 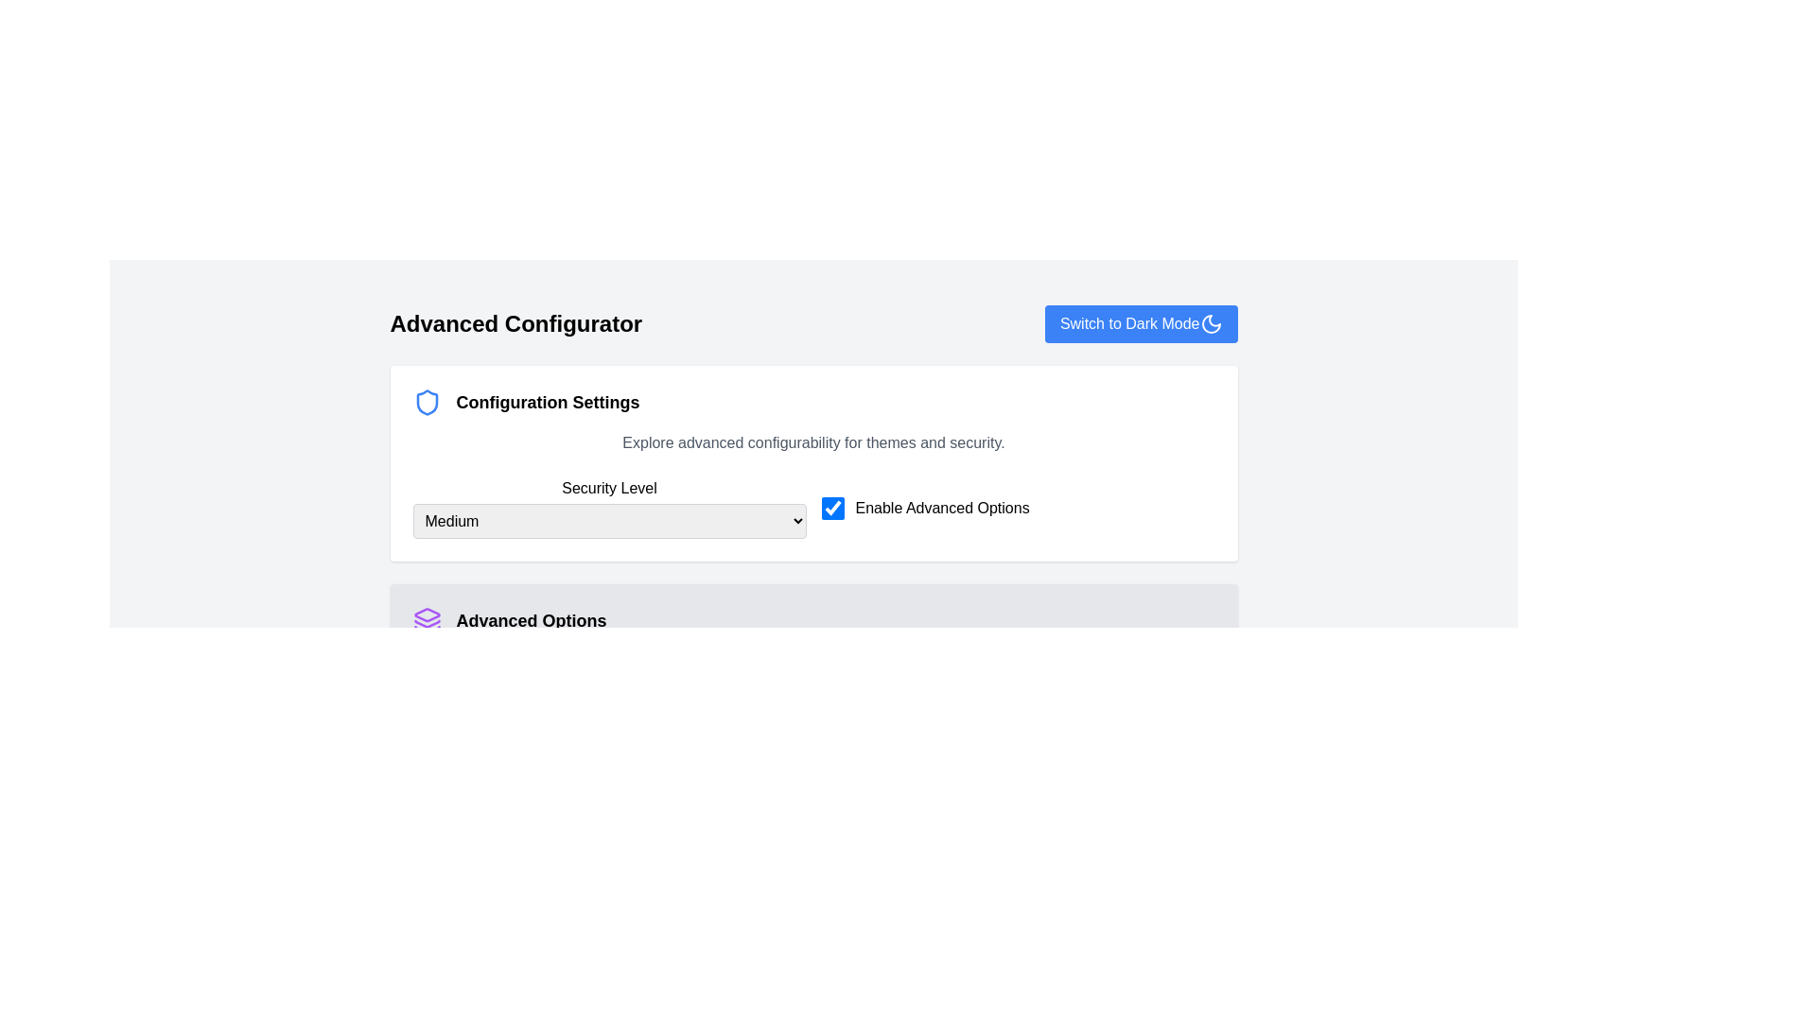 What do you see at coordinates (609, 521) in the screenshot?
I see `an option from the dropdown menu styled with a border and rounded corners, located under the 'Security Level' label, currently showing 'Medium' as the selected option` at bounding box center [609, 521].